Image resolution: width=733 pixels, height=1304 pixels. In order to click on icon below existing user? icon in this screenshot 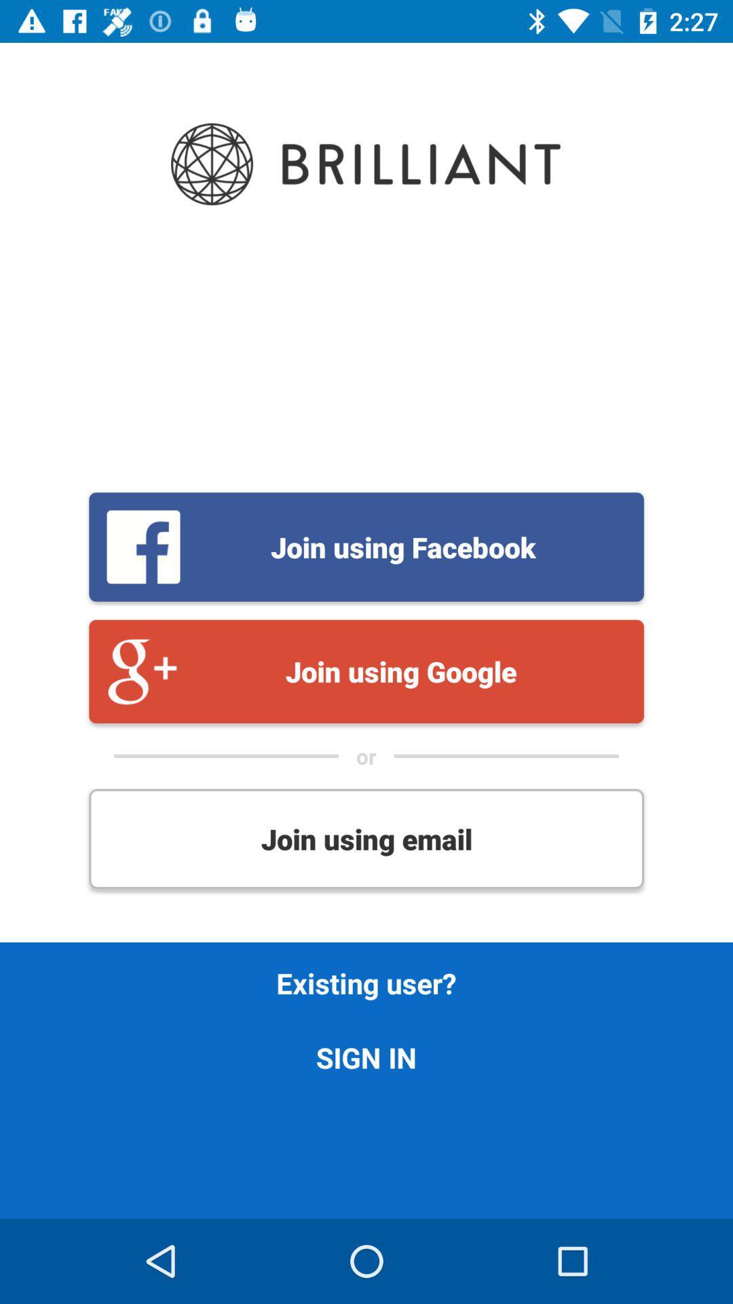, I will do `click(366, 1056)`.